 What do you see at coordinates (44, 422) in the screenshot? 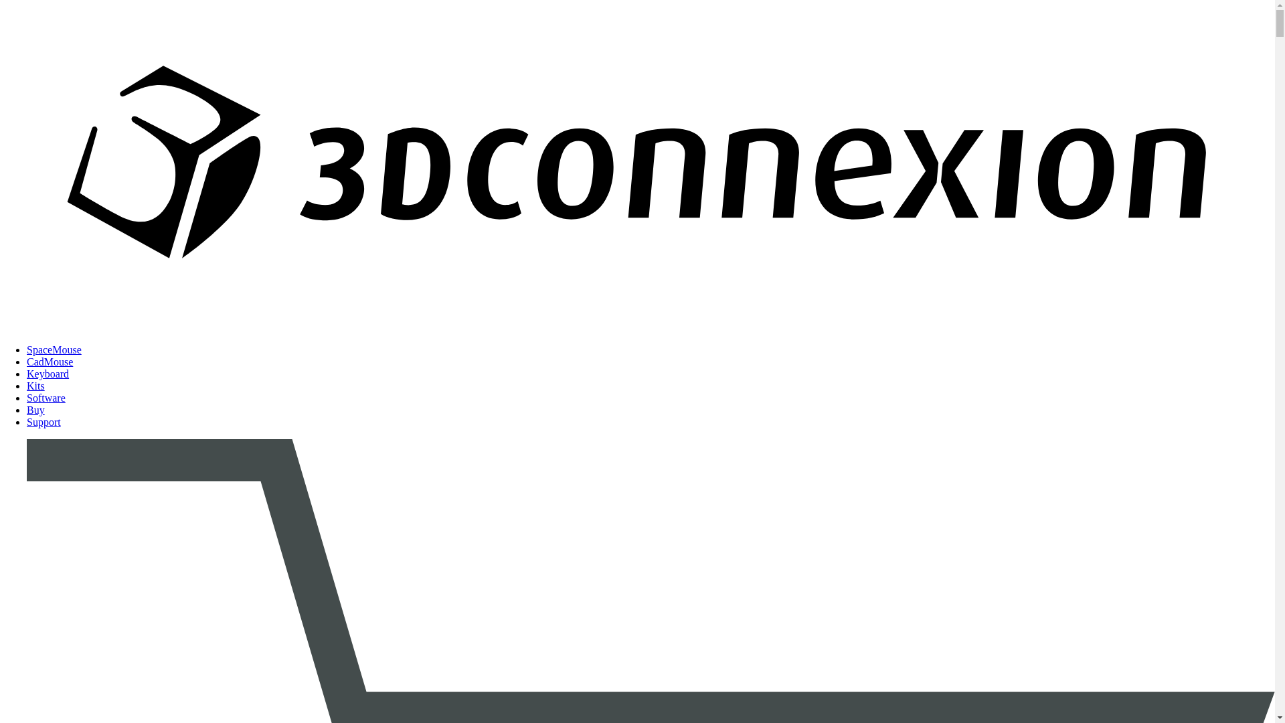
I see `'Support'` at bounding box center [44, 422].